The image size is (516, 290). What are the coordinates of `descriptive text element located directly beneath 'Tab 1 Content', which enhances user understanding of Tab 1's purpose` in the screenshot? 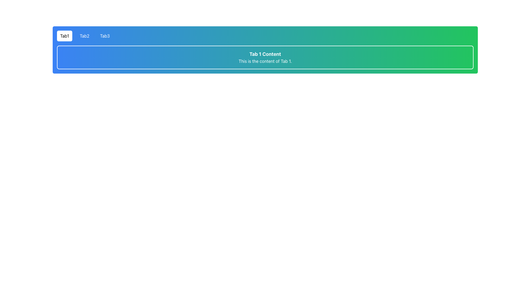 It's located at (265, 61).